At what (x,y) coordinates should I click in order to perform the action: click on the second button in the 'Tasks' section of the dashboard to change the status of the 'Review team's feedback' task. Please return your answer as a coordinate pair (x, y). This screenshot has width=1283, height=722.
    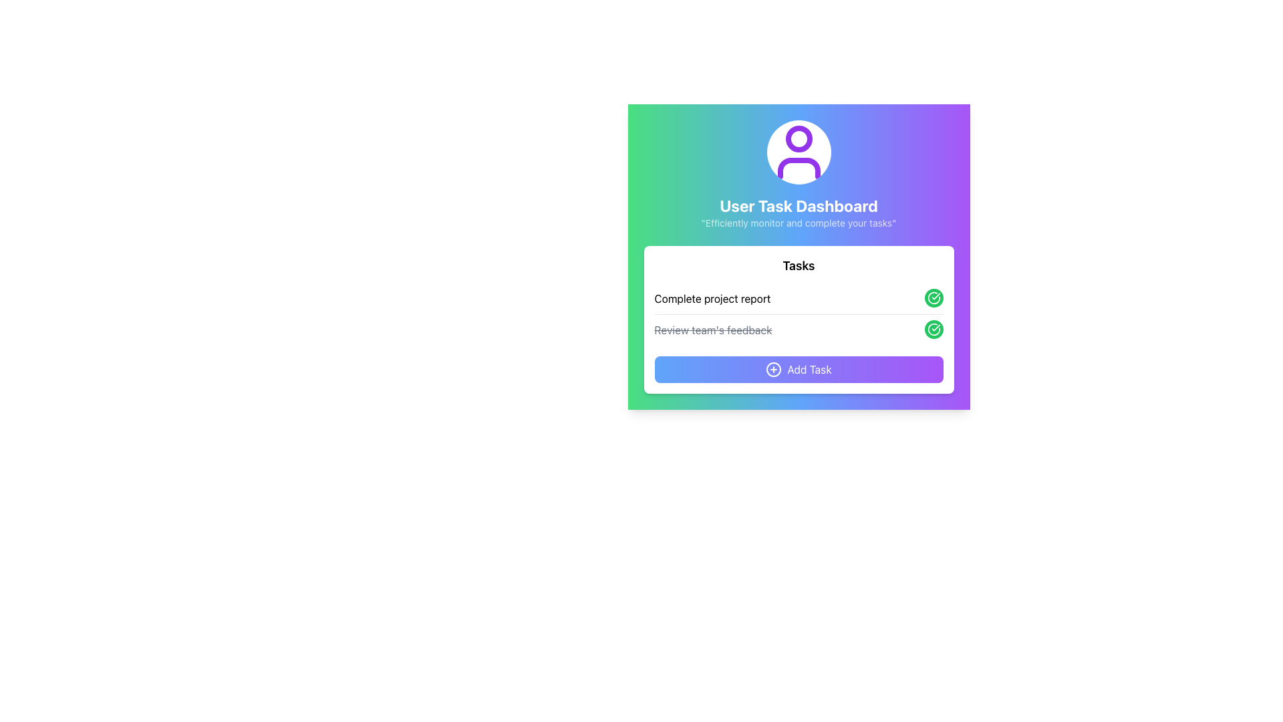
    Looking at the image, I should click on (933, 330).